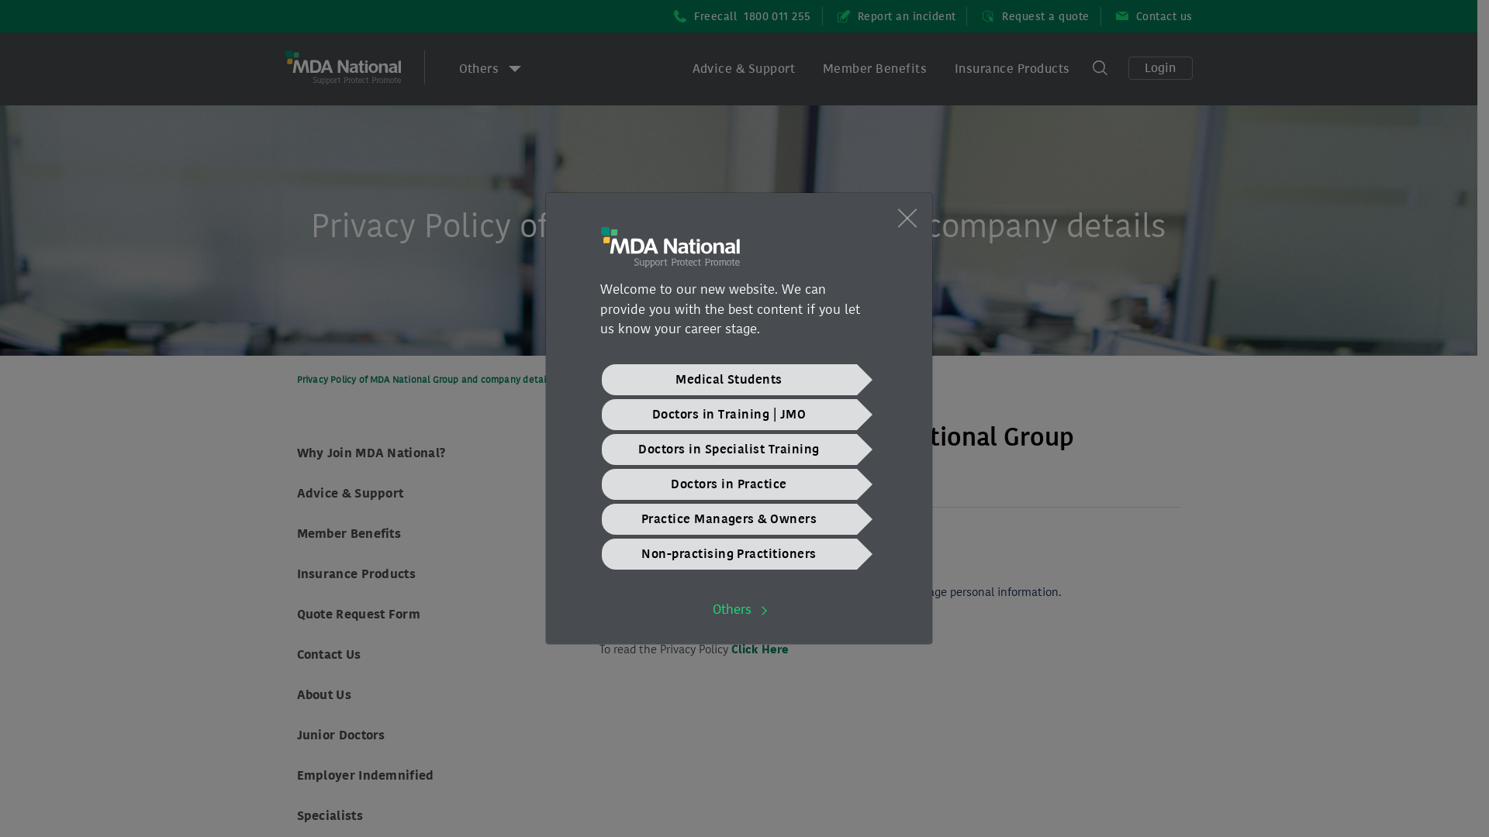 This screenshot has width=1489, height=837. What do you see at coordinates (364, 775) in the screenshot?
I see `'Employer Indemnified'` at bounding box center [364, 775].